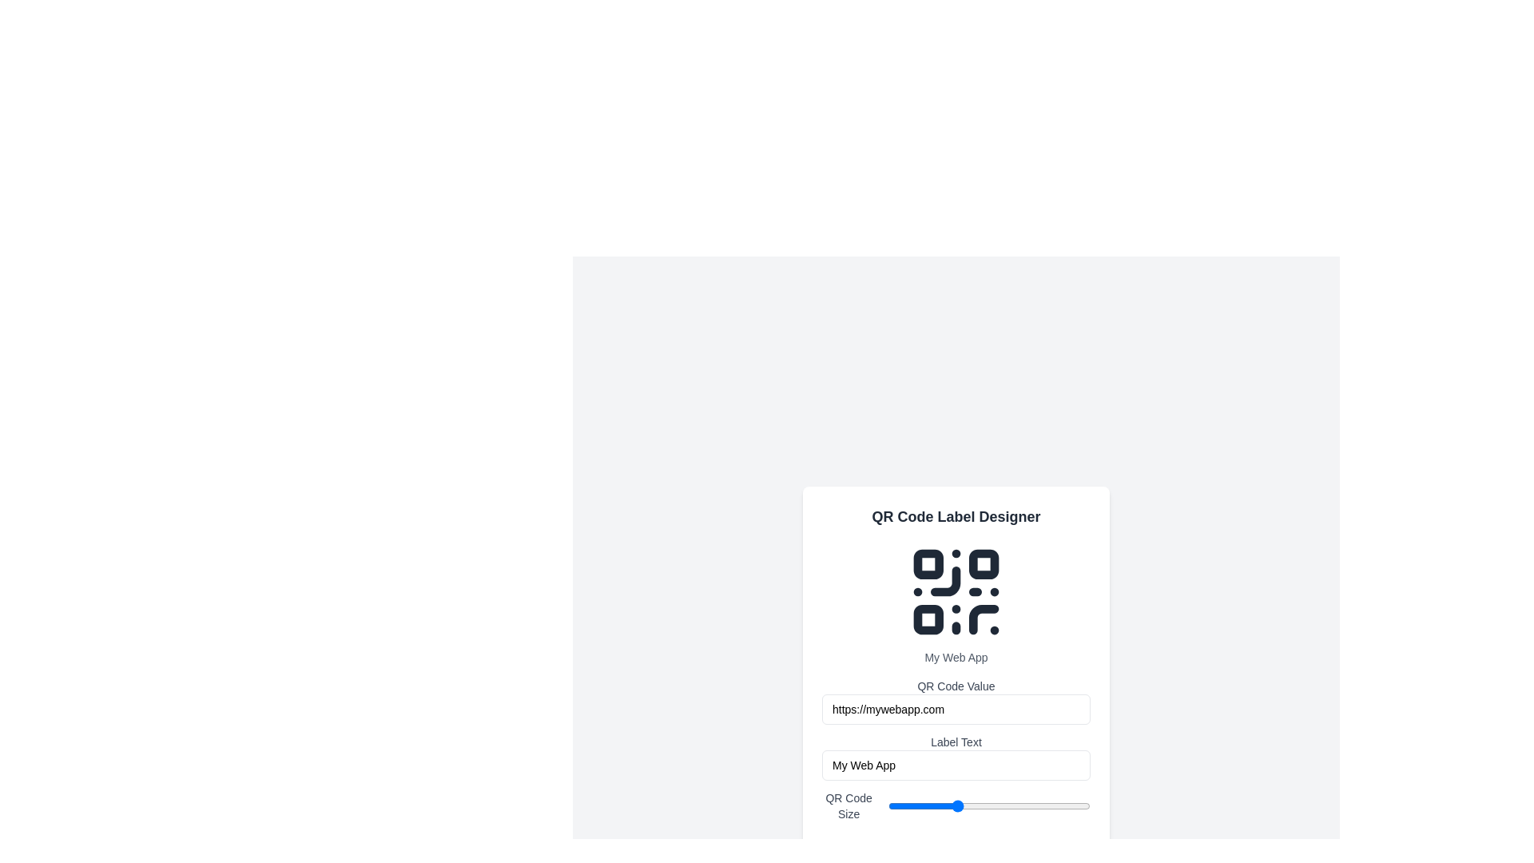 The image size is (1534, 863). What do you see at coordinates (928, 618) in the screenshot?
I see `the third square in the QR-code representation, which is a rectangular component within the SVG graphic, located on the left side and towards the bottom` at bounding box center [928, 618].